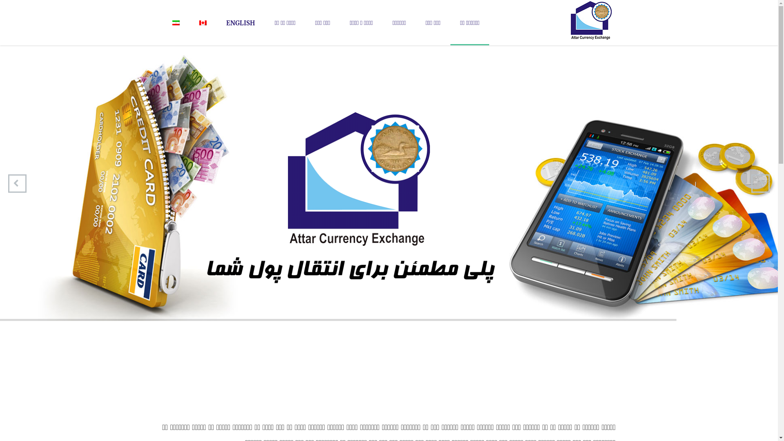 The image size is (784, 441). Describe the element at coordinates (240, 22) in the screenshot. I see `'ENGLISH'` at that location.